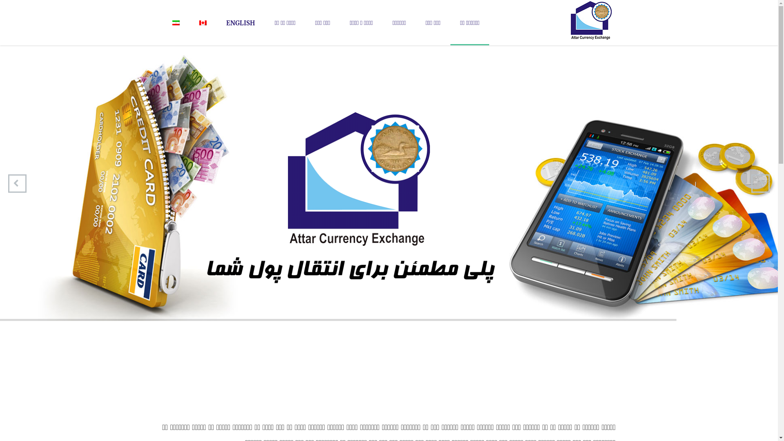 The image size is (784, 441). Describe the element at coordinates (240, 22) in the screenshot. I see `'ENGLISH'` at that location.